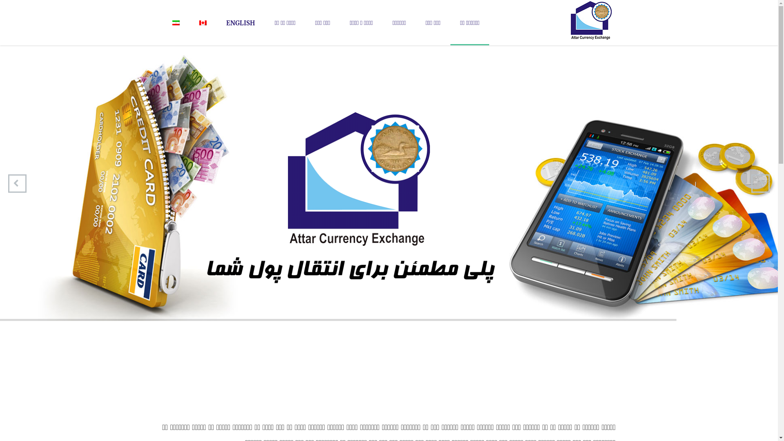 The image size is (784, 441). Describe the element at coordinates (240, 22) in the screenshot. I see `'ENGLISH'` at that location.